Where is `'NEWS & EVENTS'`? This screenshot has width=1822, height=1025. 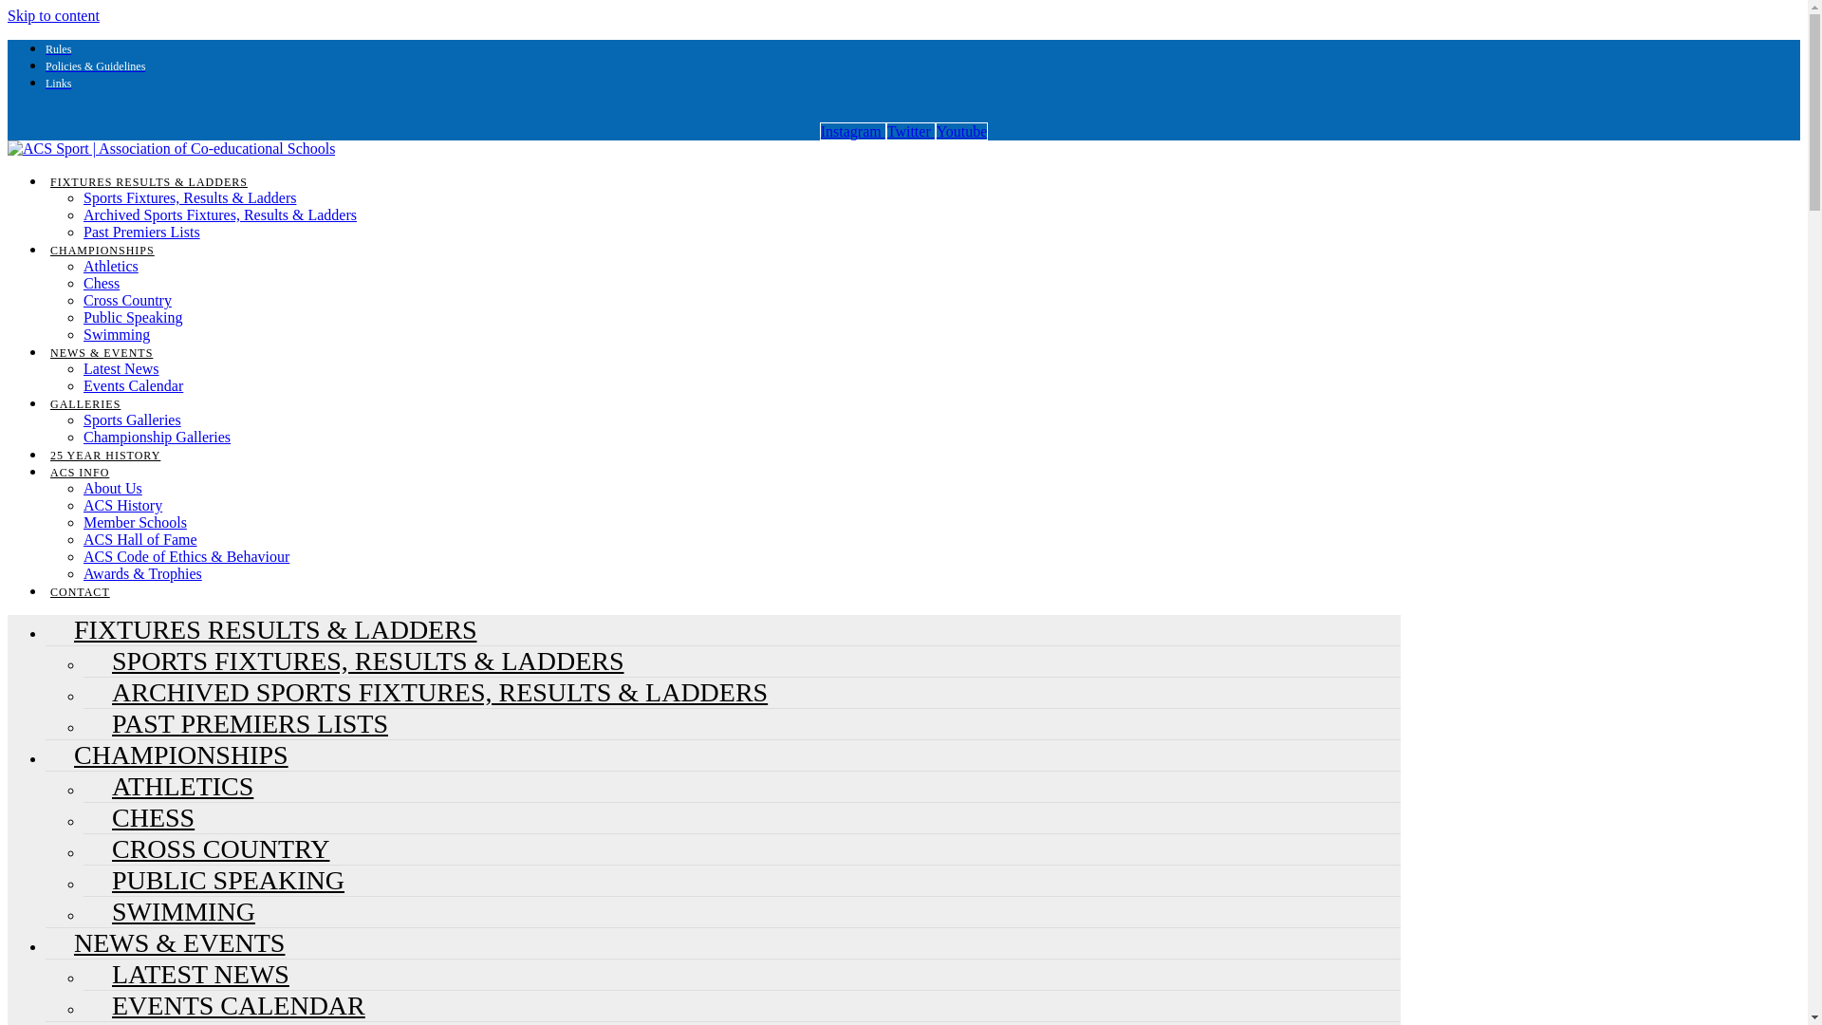
'NEWS & EVENTS' is located at coordinates (46, 352).